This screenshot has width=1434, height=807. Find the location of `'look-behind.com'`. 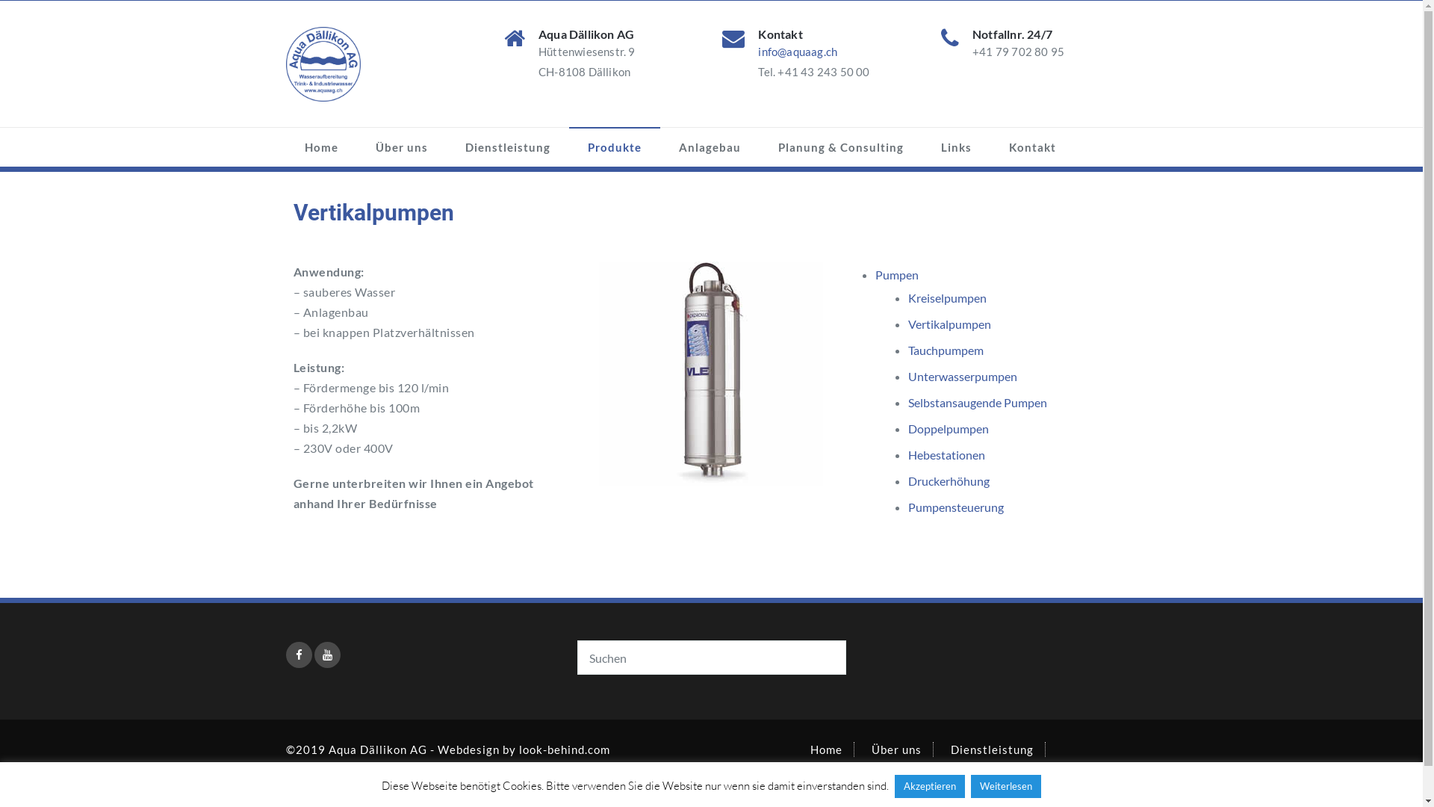

'look-behind.com' is located at coordinates (562, 749).